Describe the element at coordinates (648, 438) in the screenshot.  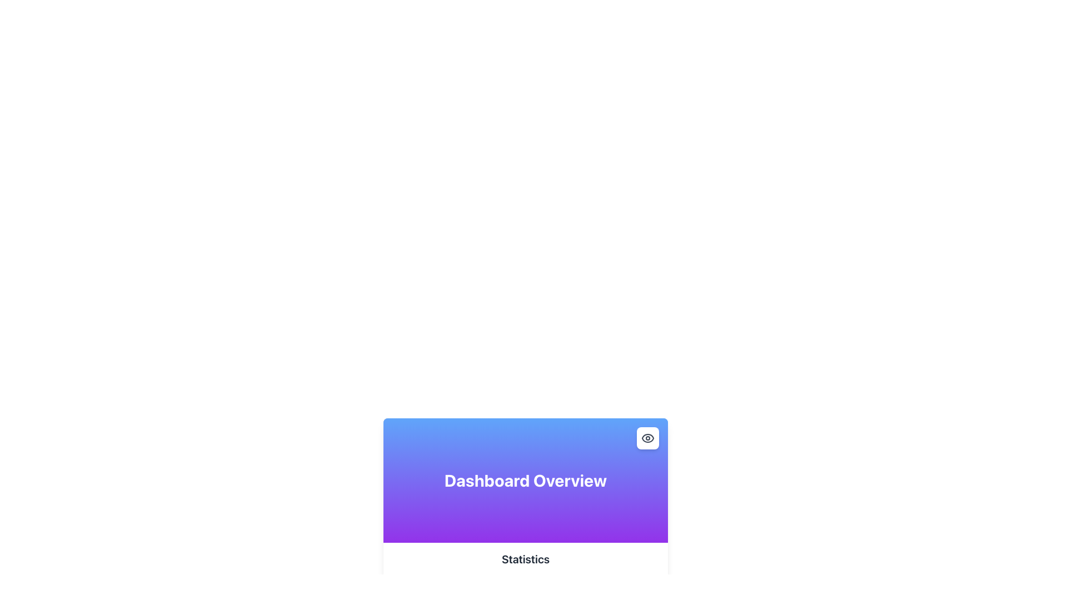
I see `the eye icon located at the top-right corner of the rectangular overlay in the 'Dashboard Overview' card` at that location.